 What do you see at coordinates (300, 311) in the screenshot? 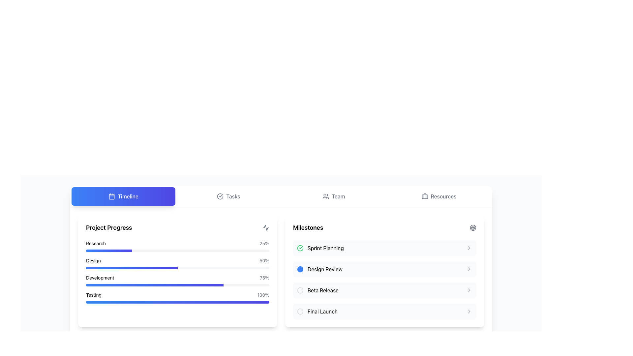
I see `the status indicator icon, which is a gray outlined circle with a diameter of 20 pixels, located to the left of the 'Final Launch' milestone label` at bounding box center [300, 311].